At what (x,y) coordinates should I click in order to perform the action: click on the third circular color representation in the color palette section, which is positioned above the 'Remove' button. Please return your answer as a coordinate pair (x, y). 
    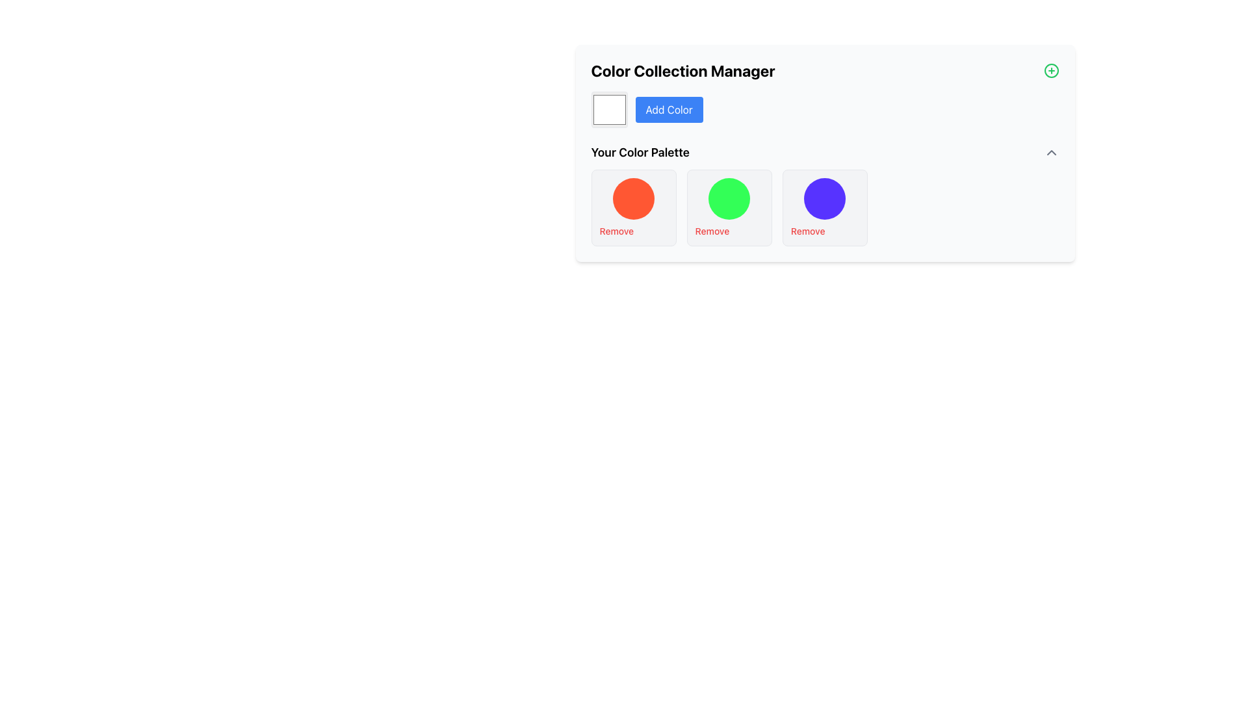
    Looking at the image, I should click on (824, 198).